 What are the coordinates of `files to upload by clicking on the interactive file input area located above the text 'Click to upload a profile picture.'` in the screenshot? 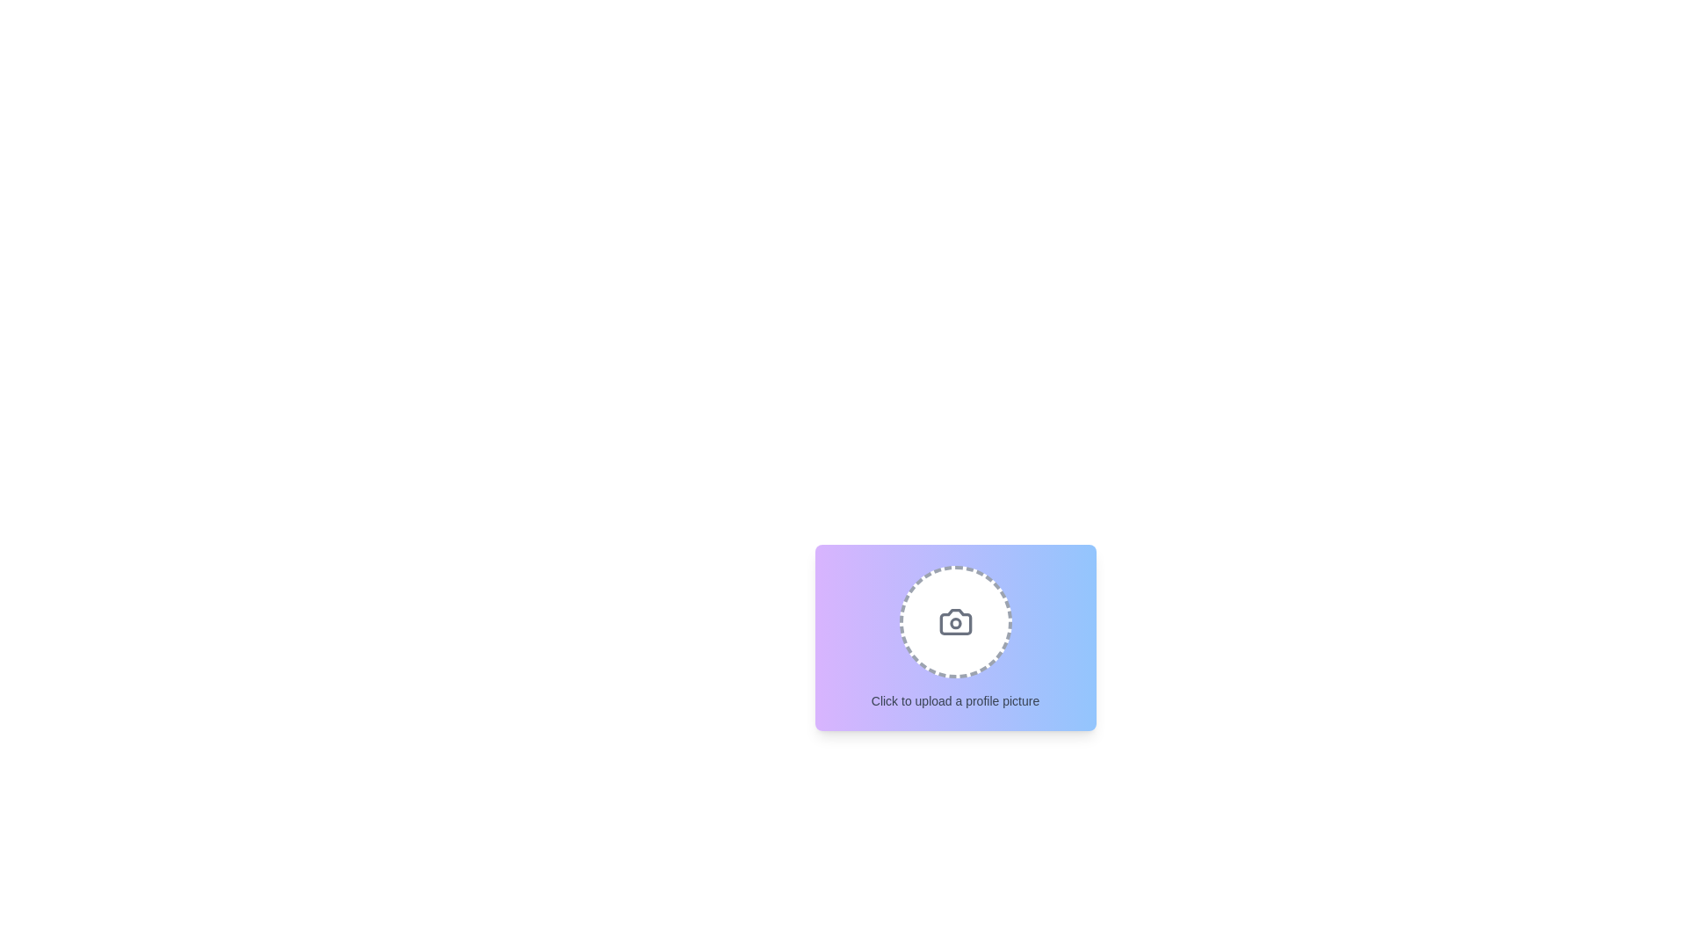 It's located at (954, 621).